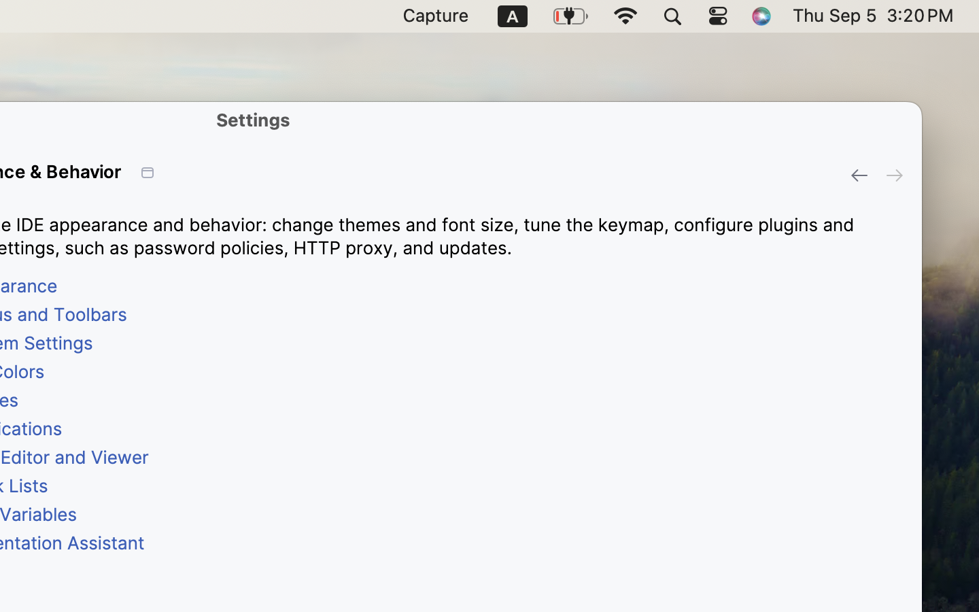 This screenshot has height=612, width=979. Describe the element at coordinates (252, 120) in the screenshot. I see `'Settings'` at that location.